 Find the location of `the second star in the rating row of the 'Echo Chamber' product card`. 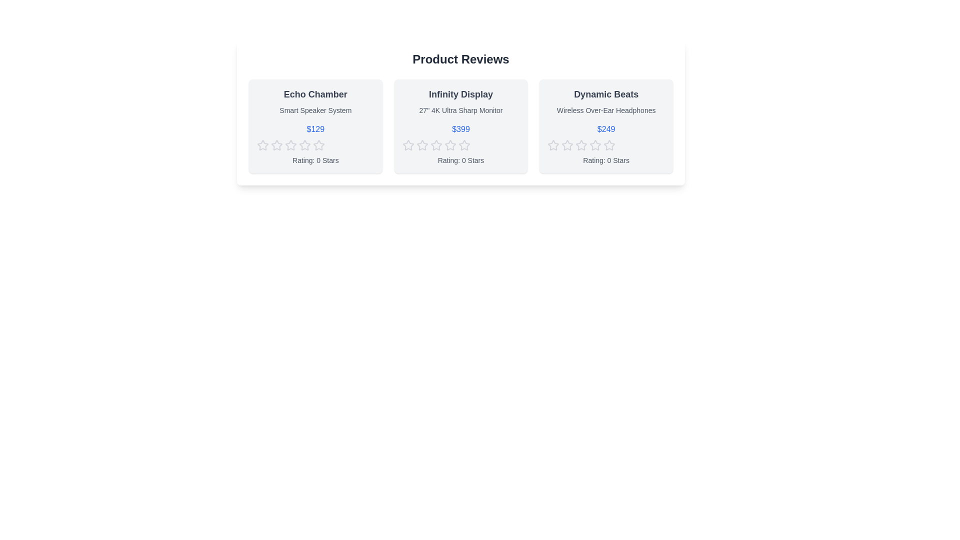

the second star in the rating row of the 'Echo Chamber' product card is located at coordinates (276, 145).